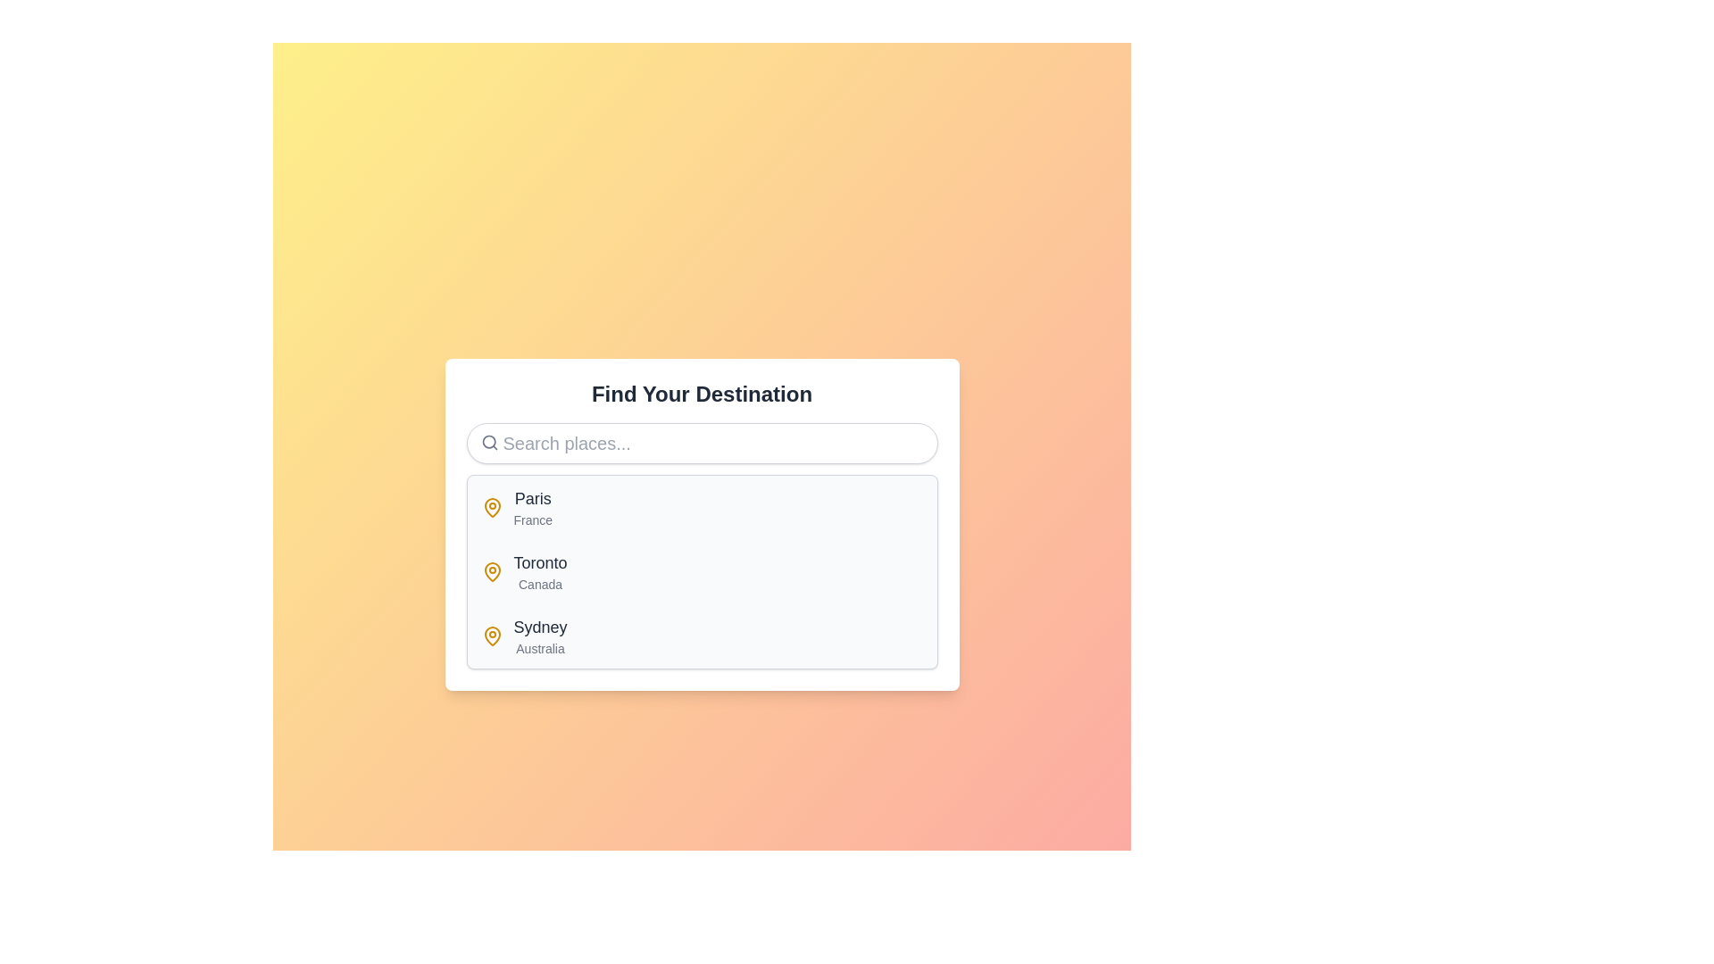 The height and width of the screenshot is (964, 1714). Describe the element at coordinates (539, 636) in the screenshot. I see `the text label displaying 'Sydney' in a selectable list item` at that location.